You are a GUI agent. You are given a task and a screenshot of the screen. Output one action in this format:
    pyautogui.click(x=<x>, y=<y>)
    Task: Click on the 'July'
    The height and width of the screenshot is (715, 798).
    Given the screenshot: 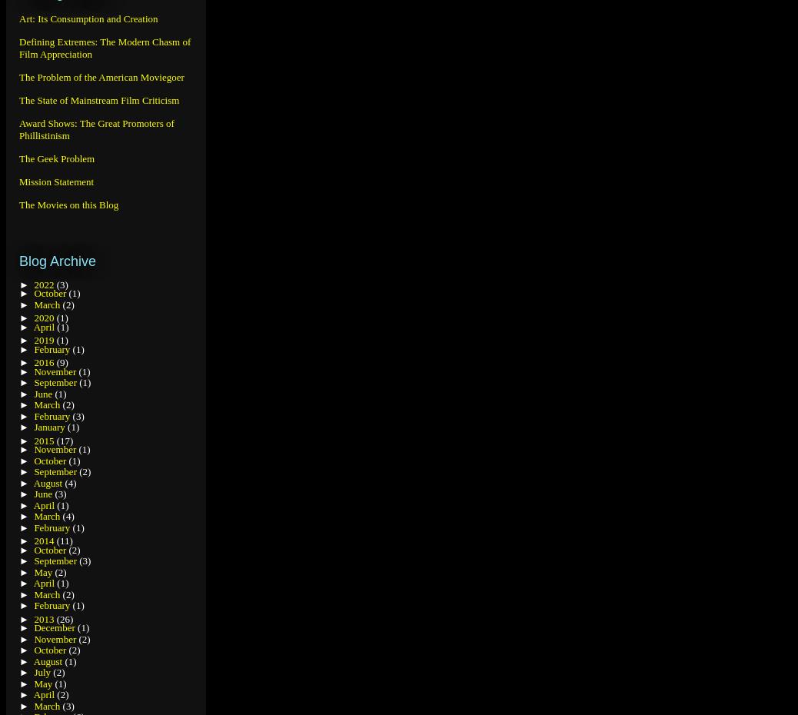 What is the action you would take?
    pyautogui.click(x=42, y=672)
    